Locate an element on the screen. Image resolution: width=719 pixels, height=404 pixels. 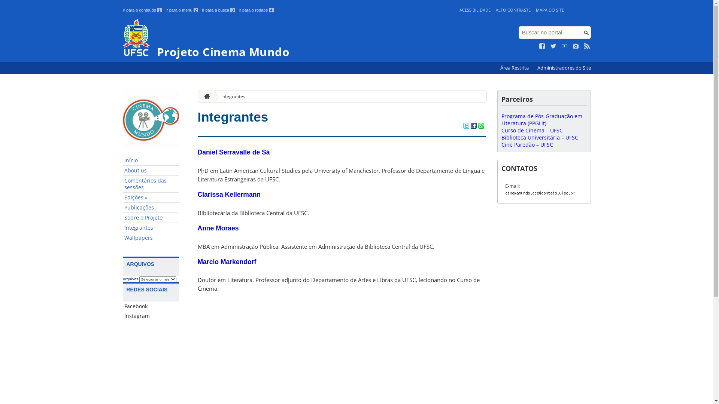
'Integrantes' is located at coordinates (151, 227).